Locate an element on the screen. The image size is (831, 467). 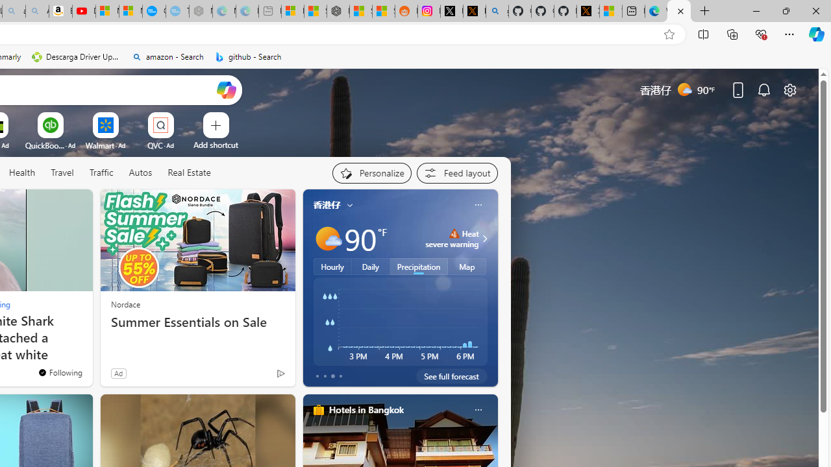
'Hotels in Bangkok' is located at coordinates (365, 409).